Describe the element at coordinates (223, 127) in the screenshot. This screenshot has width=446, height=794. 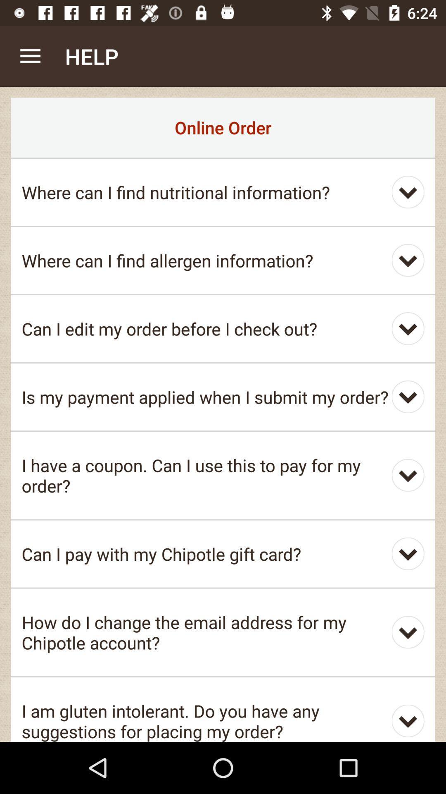
I see `the online order` at that location.